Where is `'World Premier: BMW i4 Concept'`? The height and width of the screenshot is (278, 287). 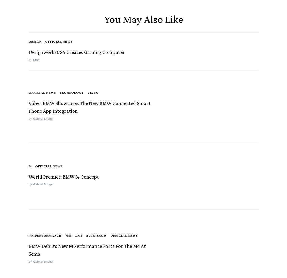
'World Premier: BMW i4 Concept' is located at coordinates (73, 177).